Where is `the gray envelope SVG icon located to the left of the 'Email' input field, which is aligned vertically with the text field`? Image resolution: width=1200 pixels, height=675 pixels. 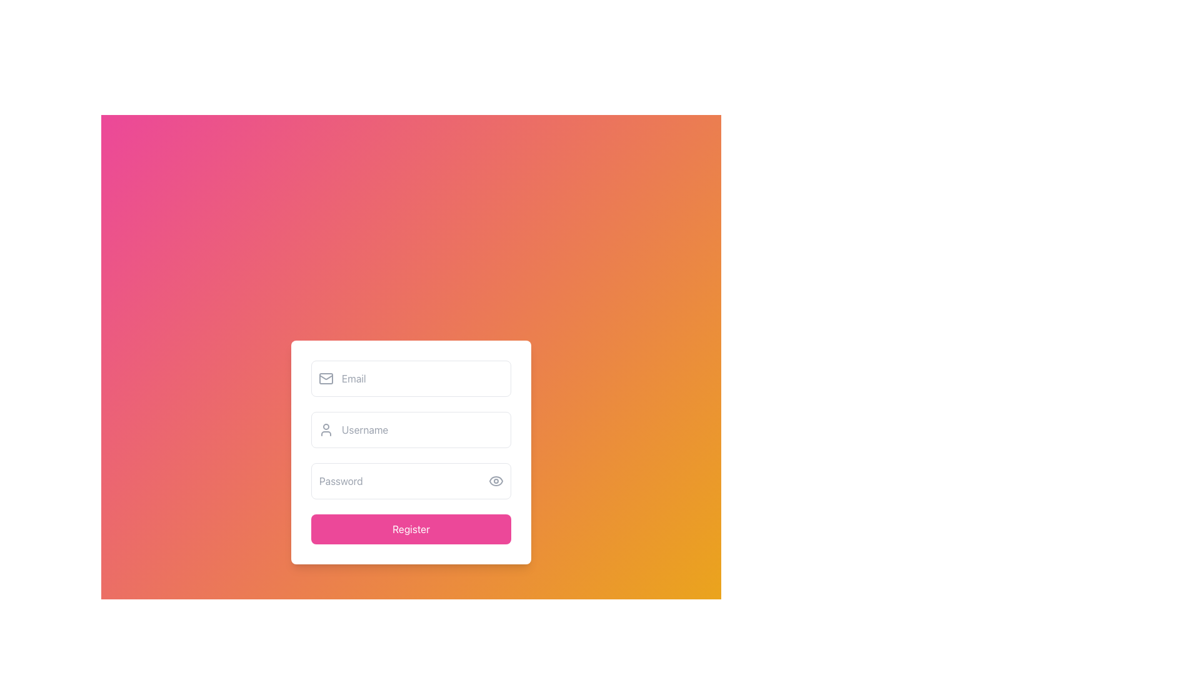
the gray envelope SVG icon located to the left of the 'Email' input field, which is aligned vertically with the text field is located at coordinates (326, 377).